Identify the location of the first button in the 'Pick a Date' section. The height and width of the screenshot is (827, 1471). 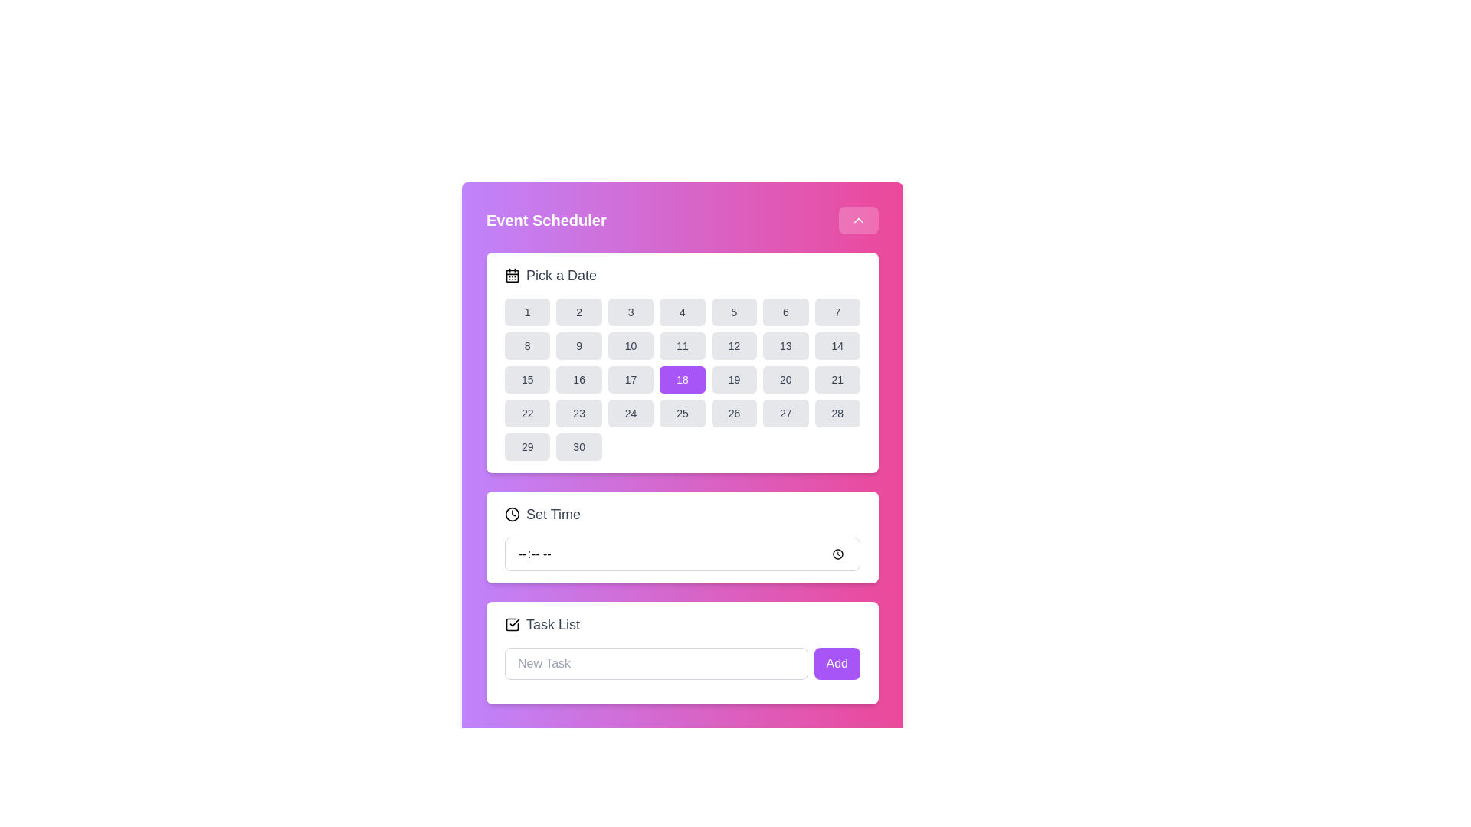
(527, 312).